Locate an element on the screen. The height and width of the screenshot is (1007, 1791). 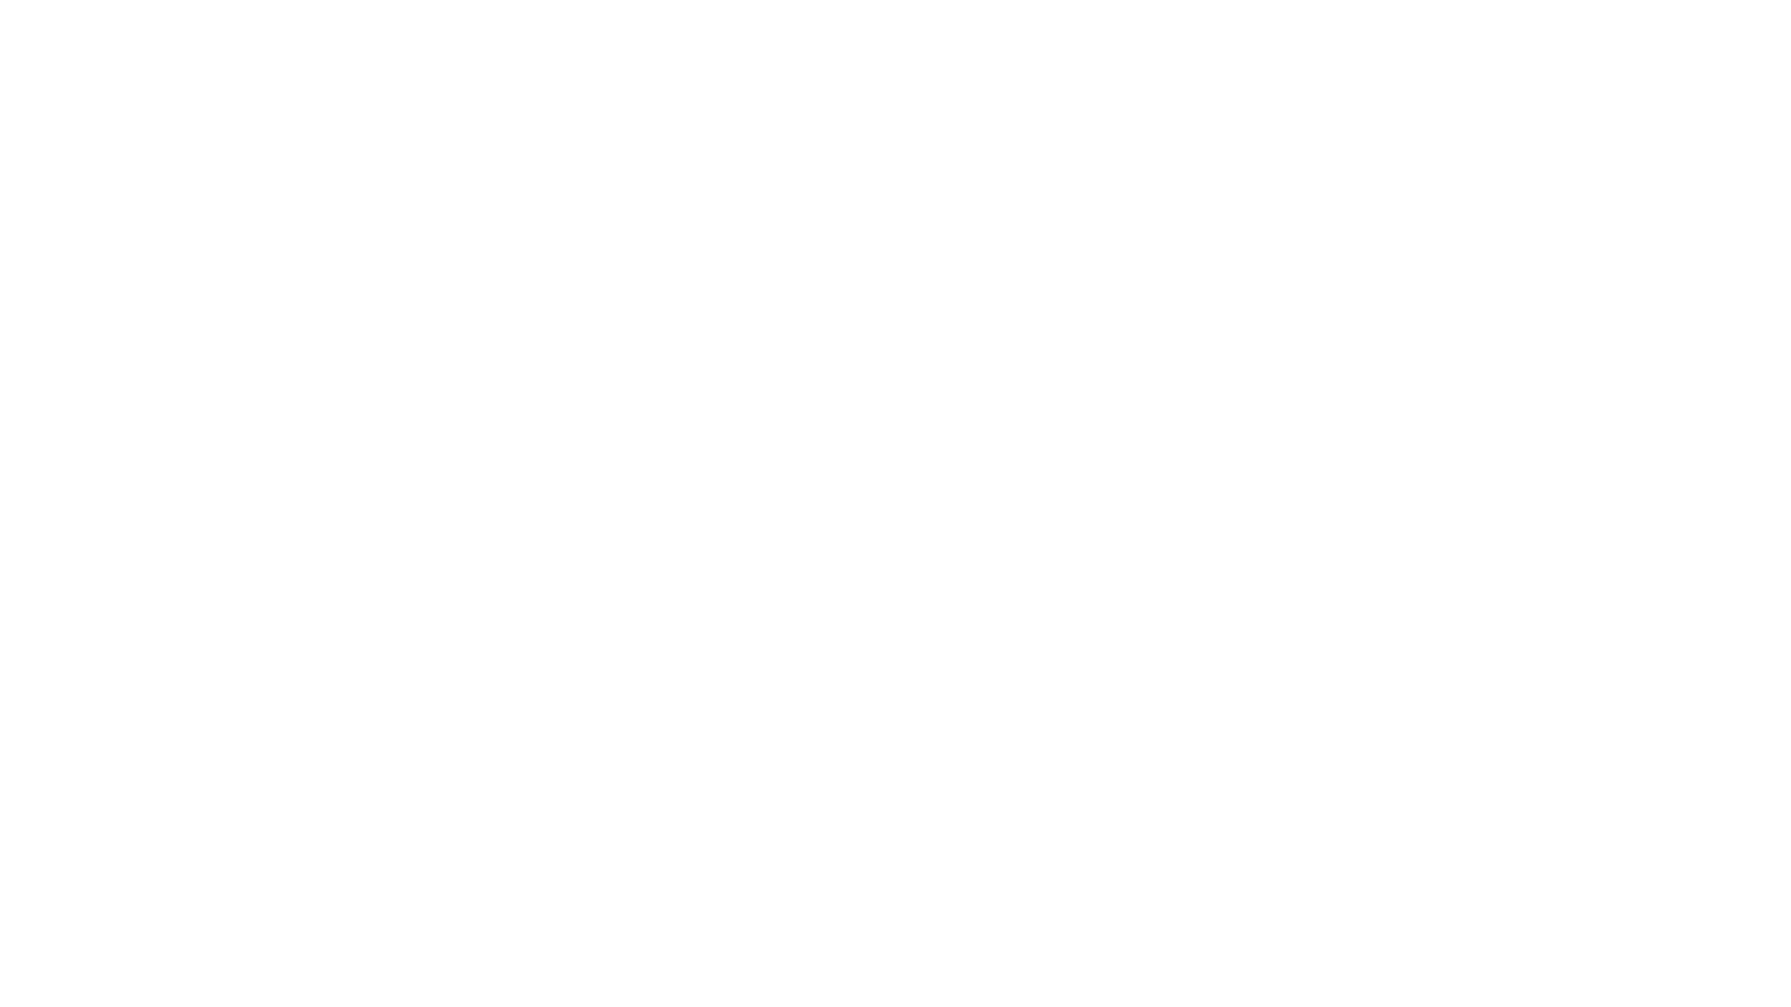
Play Episode 2: Nobody Cares About Your Fantasy World by No One Wants to Hear Your RPG Stories is located at coordinates (250, 607).